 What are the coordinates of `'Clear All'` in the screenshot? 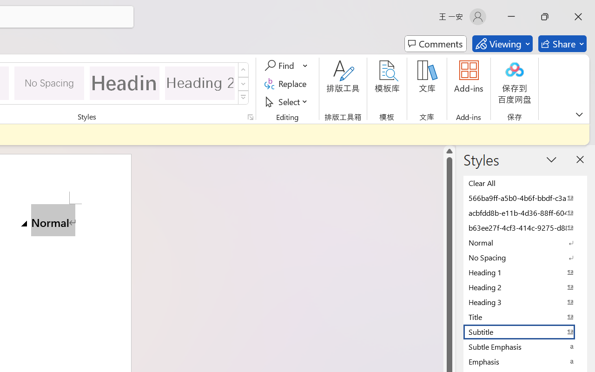 It's located at (525, 182).